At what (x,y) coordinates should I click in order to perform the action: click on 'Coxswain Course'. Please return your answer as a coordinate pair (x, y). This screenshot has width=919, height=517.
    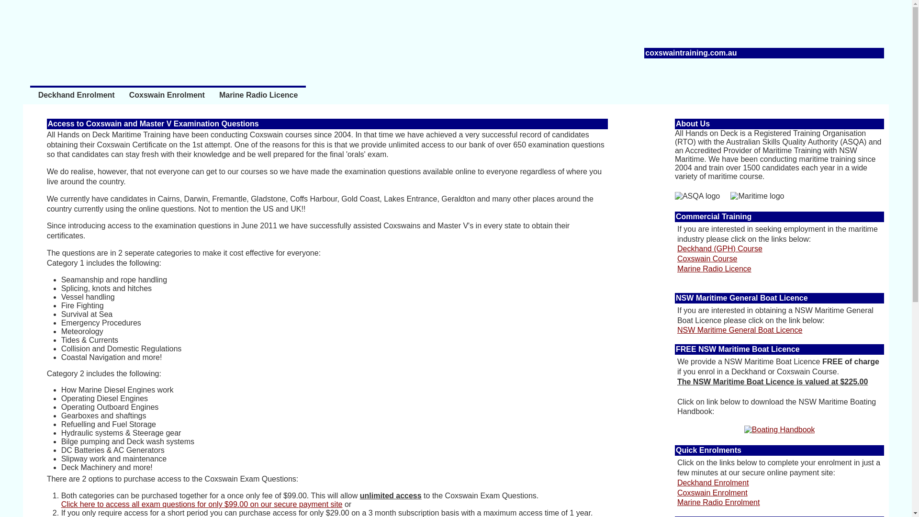
    Looking at the image, I should click on (707, 258).